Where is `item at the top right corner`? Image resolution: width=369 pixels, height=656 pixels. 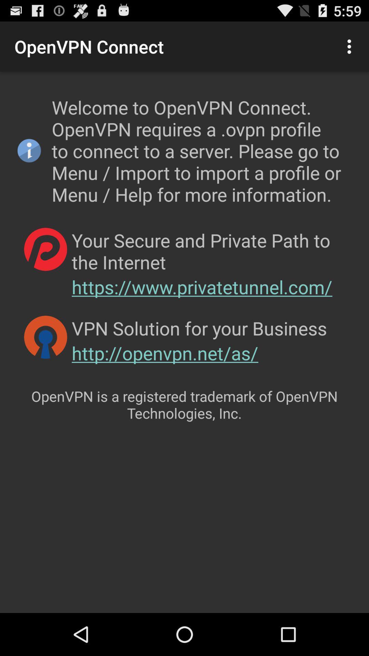 item at the top right corner is located at coordinates (351, 46).